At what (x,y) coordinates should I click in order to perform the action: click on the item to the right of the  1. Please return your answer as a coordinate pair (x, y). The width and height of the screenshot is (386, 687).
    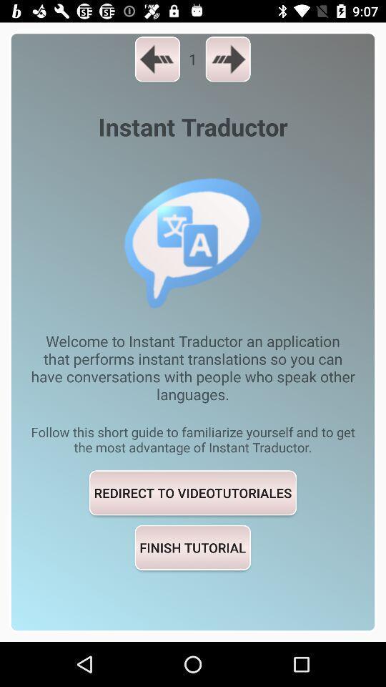
    Looking at the image, I should click on (228, 59).